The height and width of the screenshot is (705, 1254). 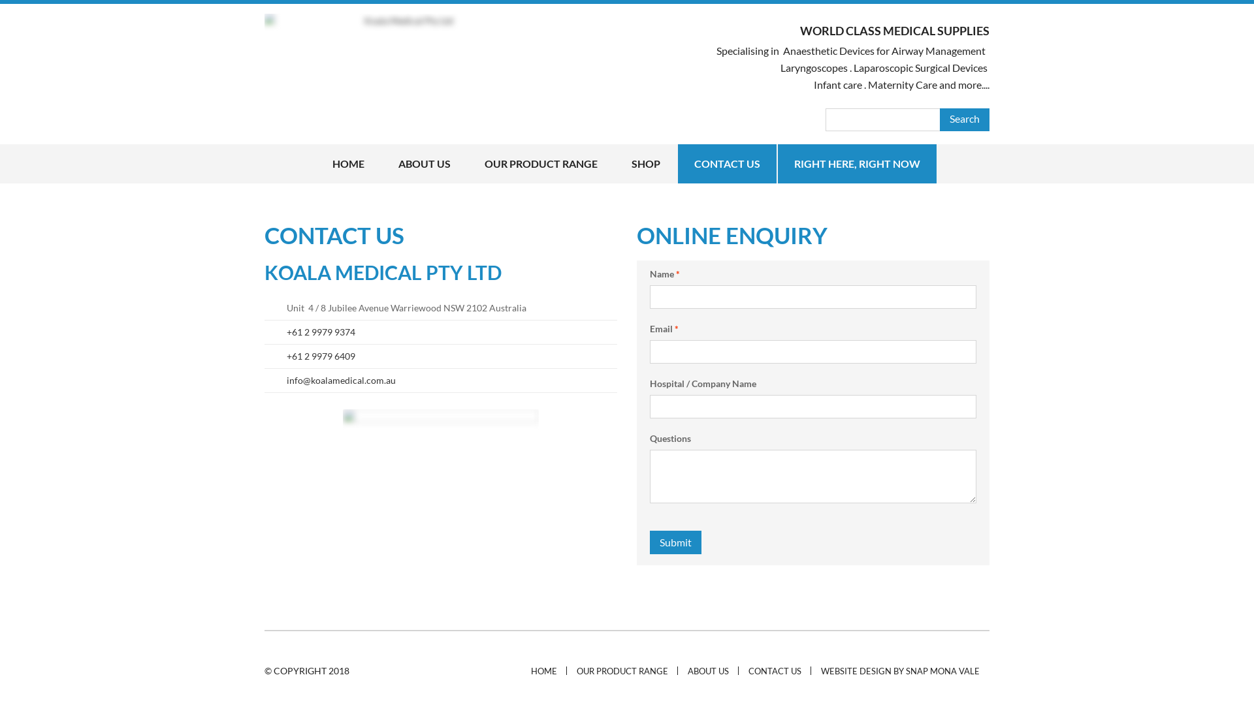 I want to click on 'OUR PRODUCT RANGE', so click(x=541, y=163).